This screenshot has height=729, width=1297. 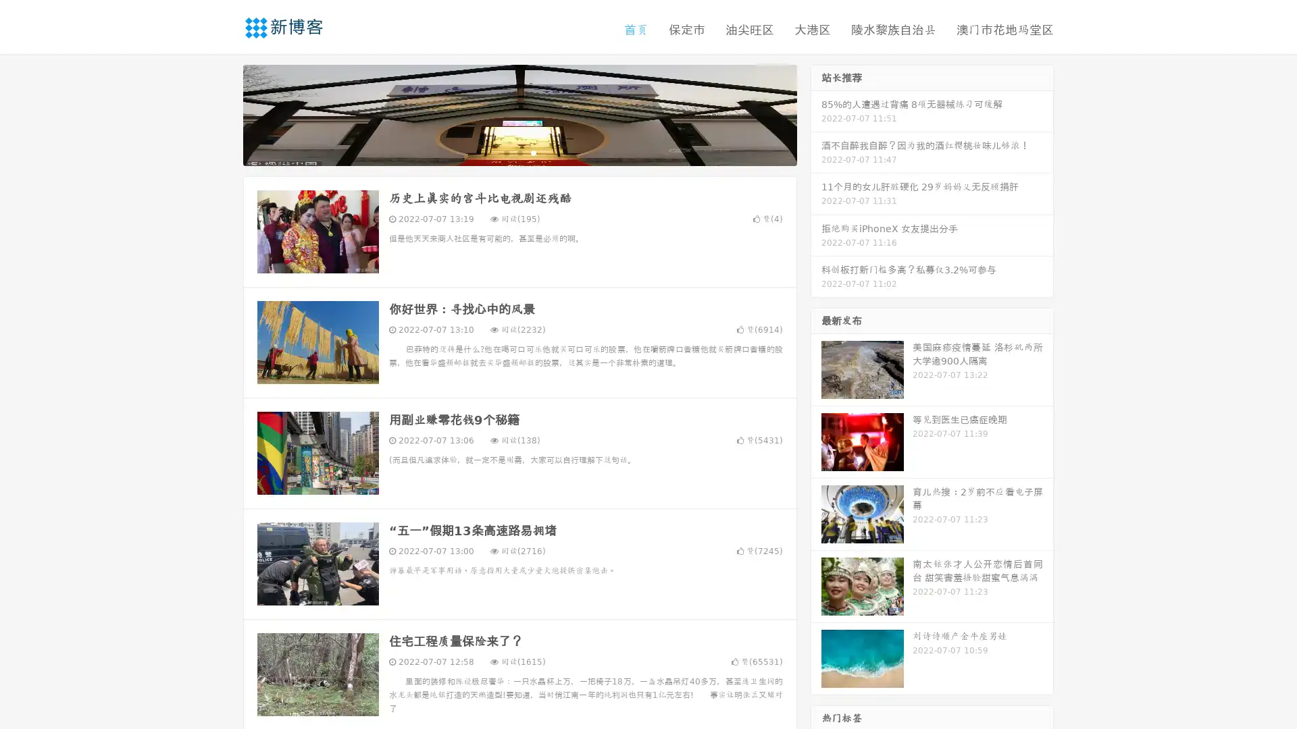 I want to click on Go to slide 1, so click(x=505, y=152).